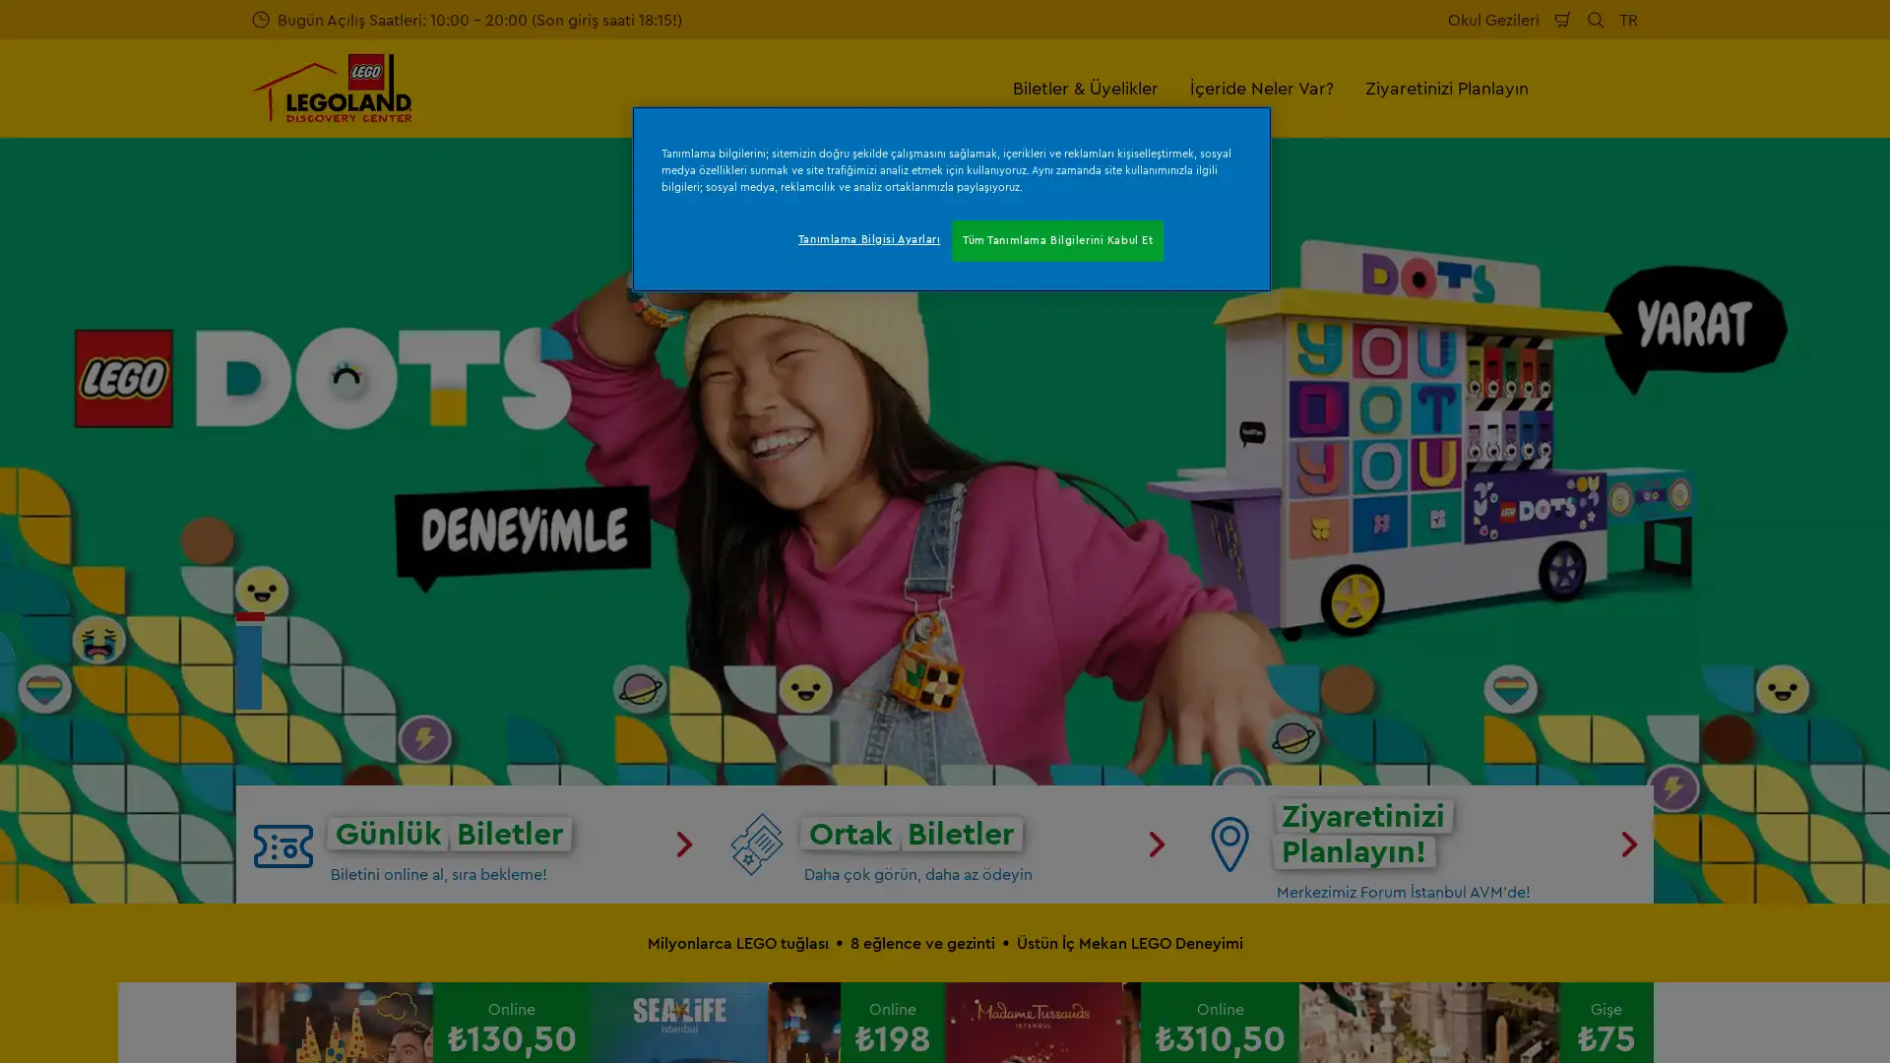  What do you see at coordinates (1056, 240) in the screenshot?
I see `Tum Tanmlama Bilgilerini Kabul Et` at bounding box center [1056, 240].